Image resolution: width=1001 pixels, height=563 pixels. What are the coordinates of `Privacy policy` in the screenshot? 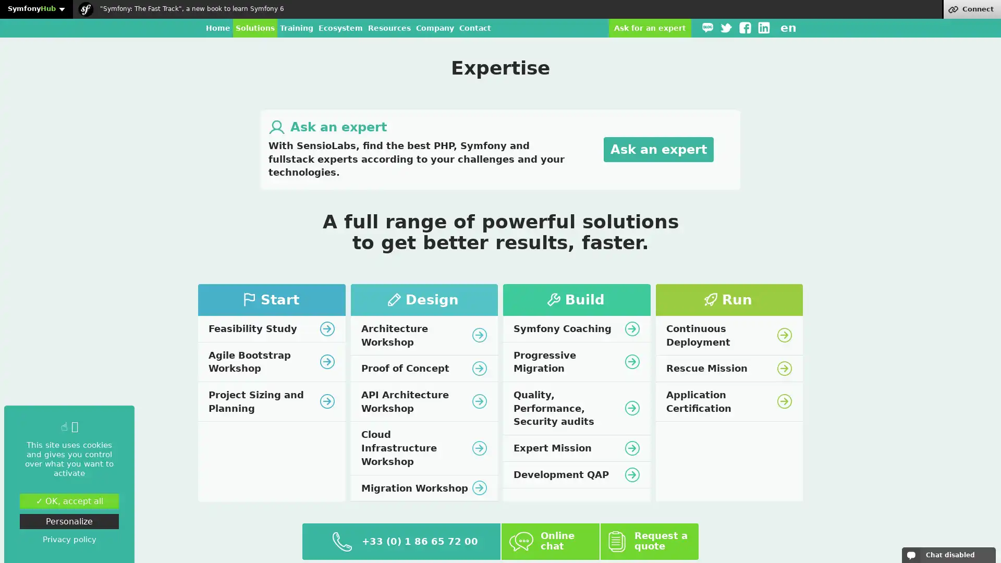 It's located at (69, 539).